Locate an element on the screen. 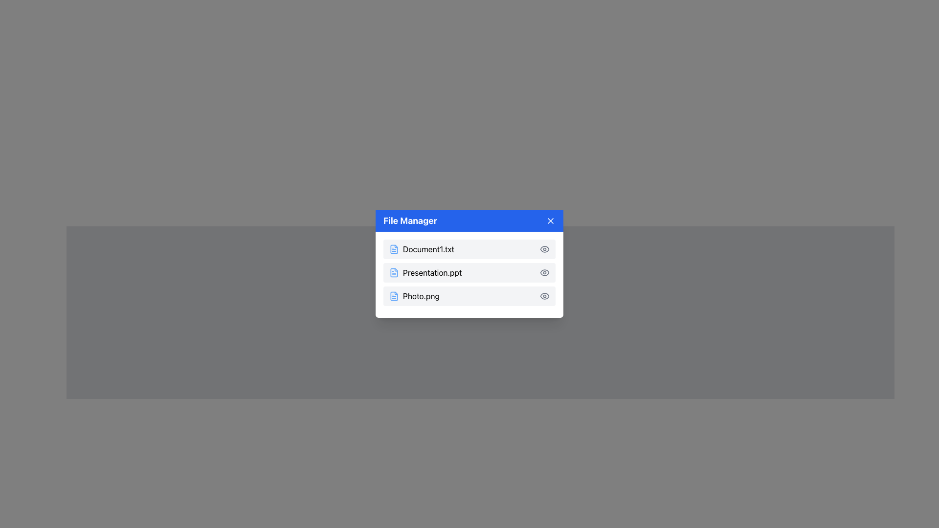 This screenshot has height=528, width=939. the visibility toggle eye icon located on the far right of the row for the file labeled 'Document1.txt' in the file management interface is located at coordinates (544, 248).